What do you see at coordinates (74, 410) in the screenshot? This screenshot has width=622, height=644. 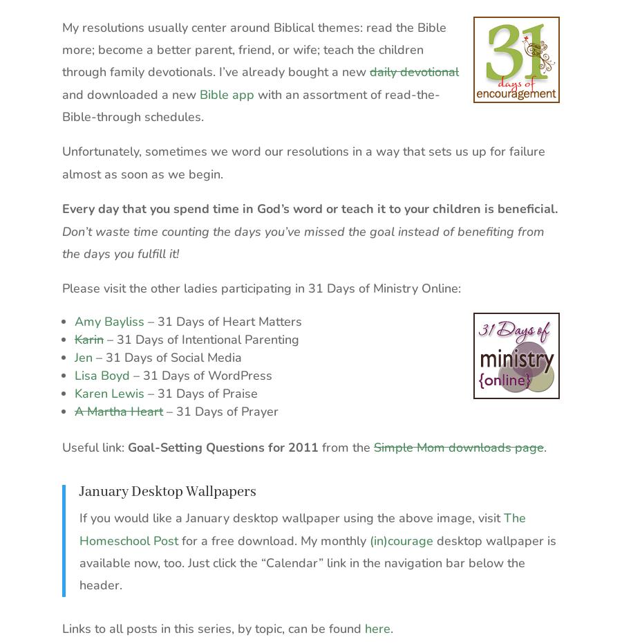 I see `'A Martha Heart'` at bounding box center [74, 410].